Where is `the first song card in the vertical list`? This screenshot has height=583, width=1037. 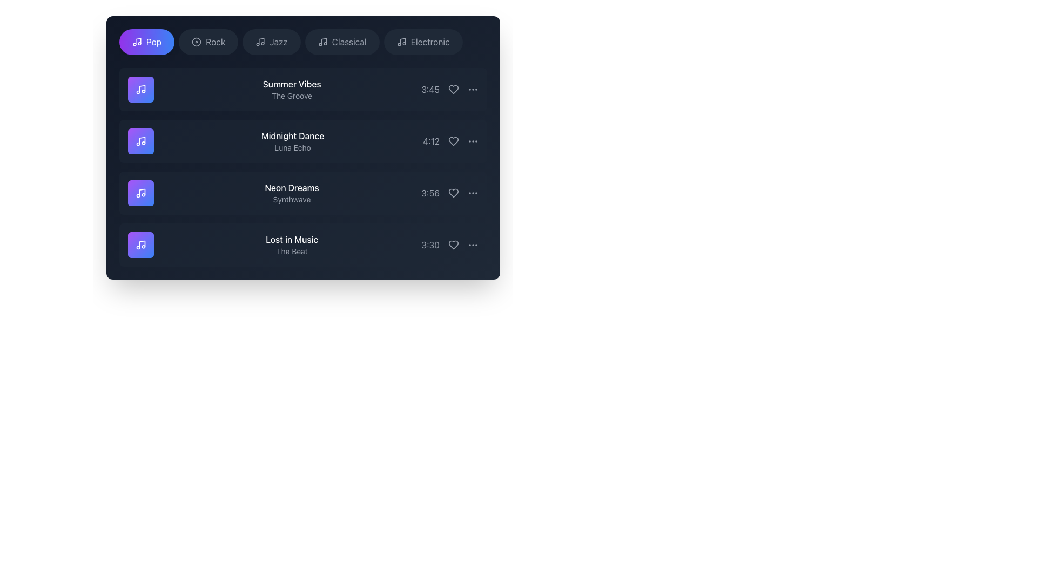 the first song card in the vertical list is located at coordinates (302, 89).